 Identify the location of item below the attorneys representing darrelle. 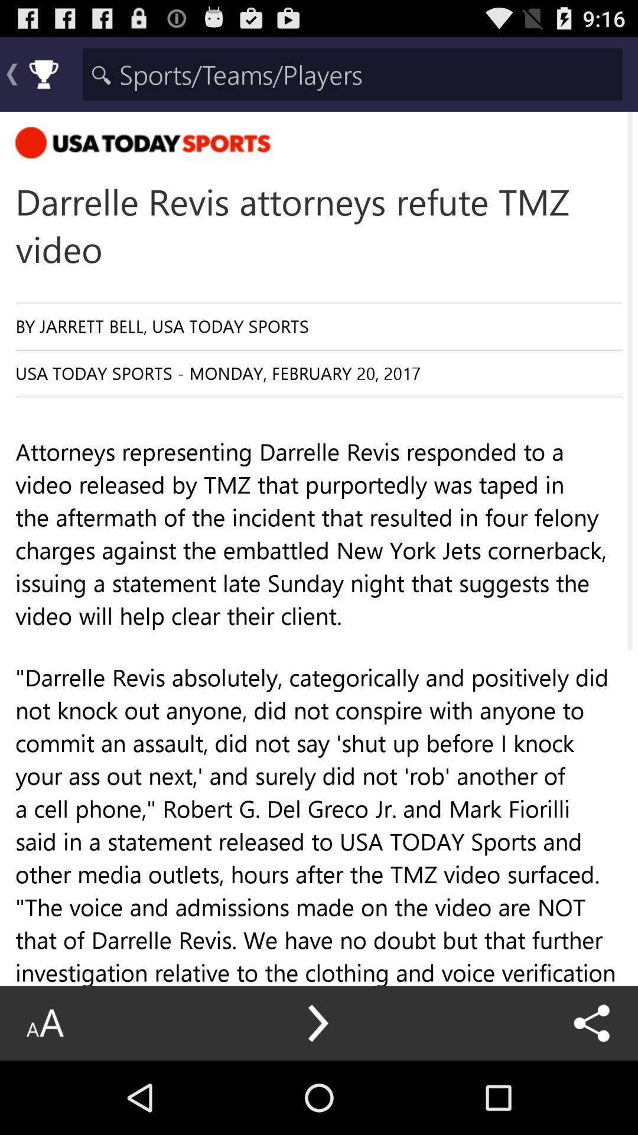
(318, 1023).